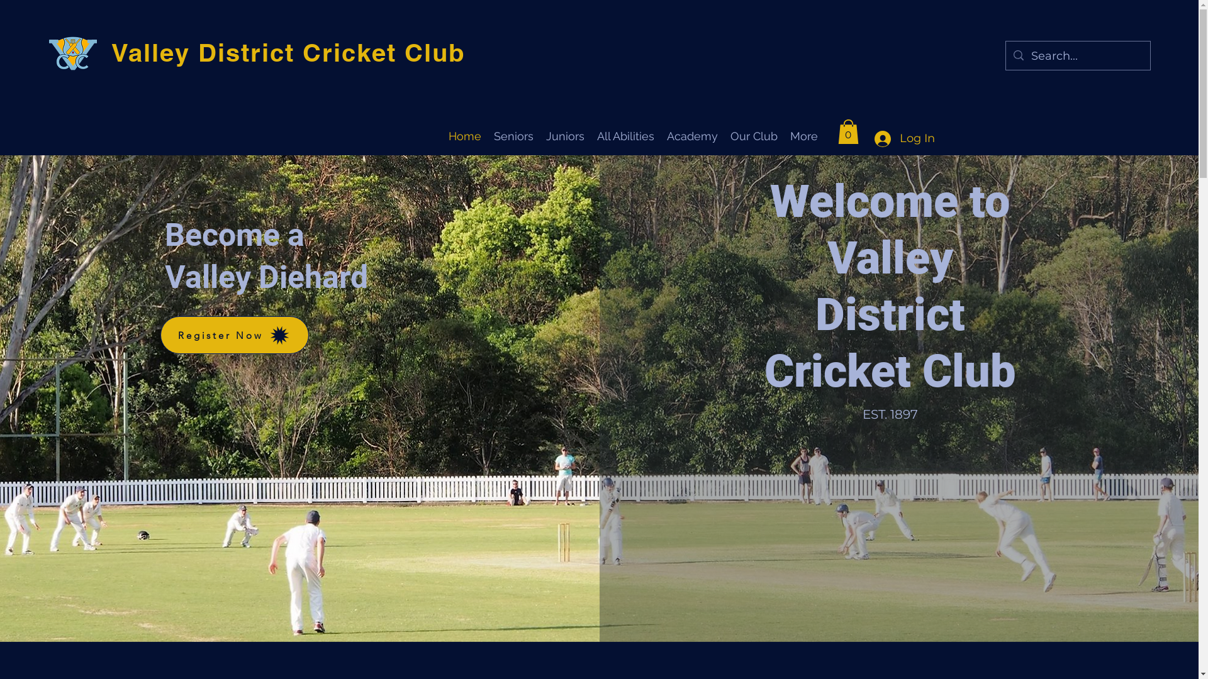  Describe the element at coordinates (625, 135) in the screenshot. I see `'All Abilities'` at that location.